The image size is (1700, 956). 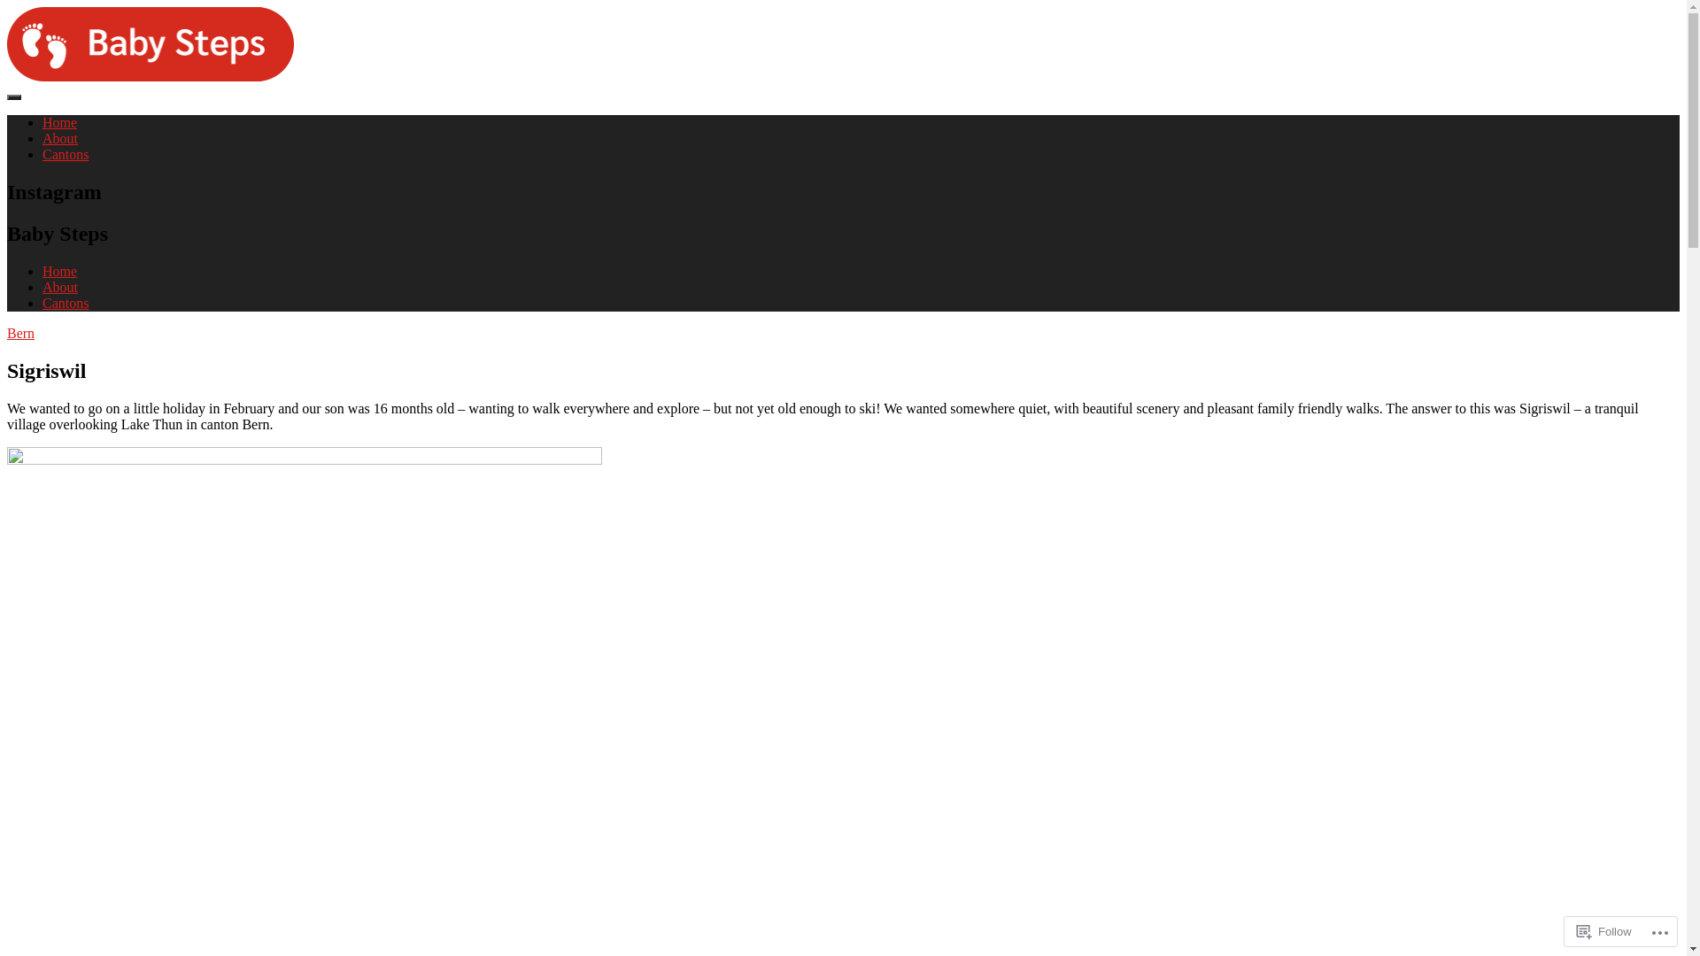 What do you see at coordinates (7, 333) in the screenshot?
I see `'Bern'` at bounding box center [7, 333].